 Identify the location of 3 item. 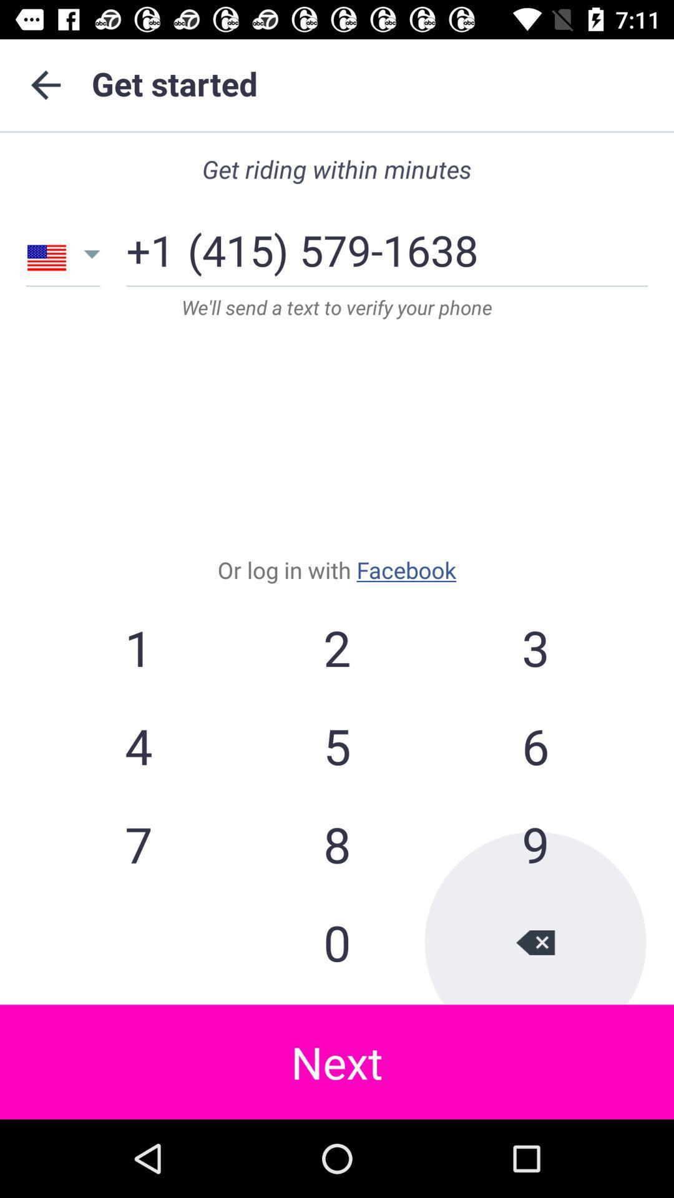
(534, 647).